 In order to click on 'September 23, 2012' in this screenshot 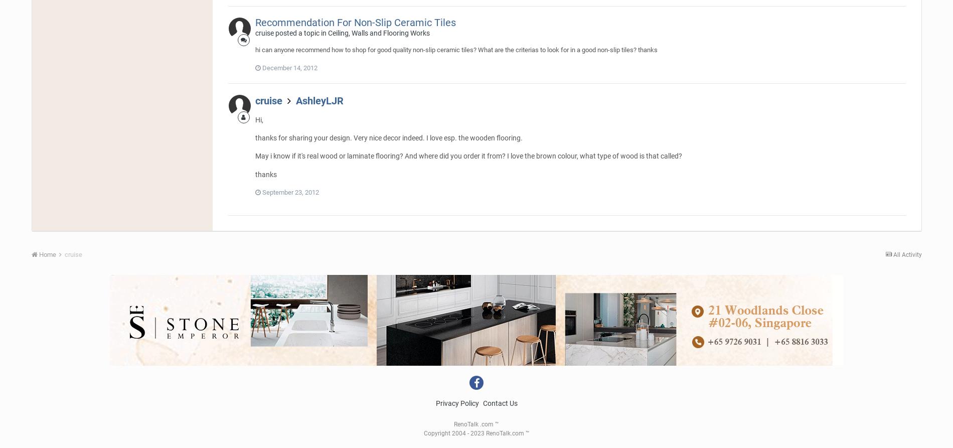, I will do `click(261, 192)`.